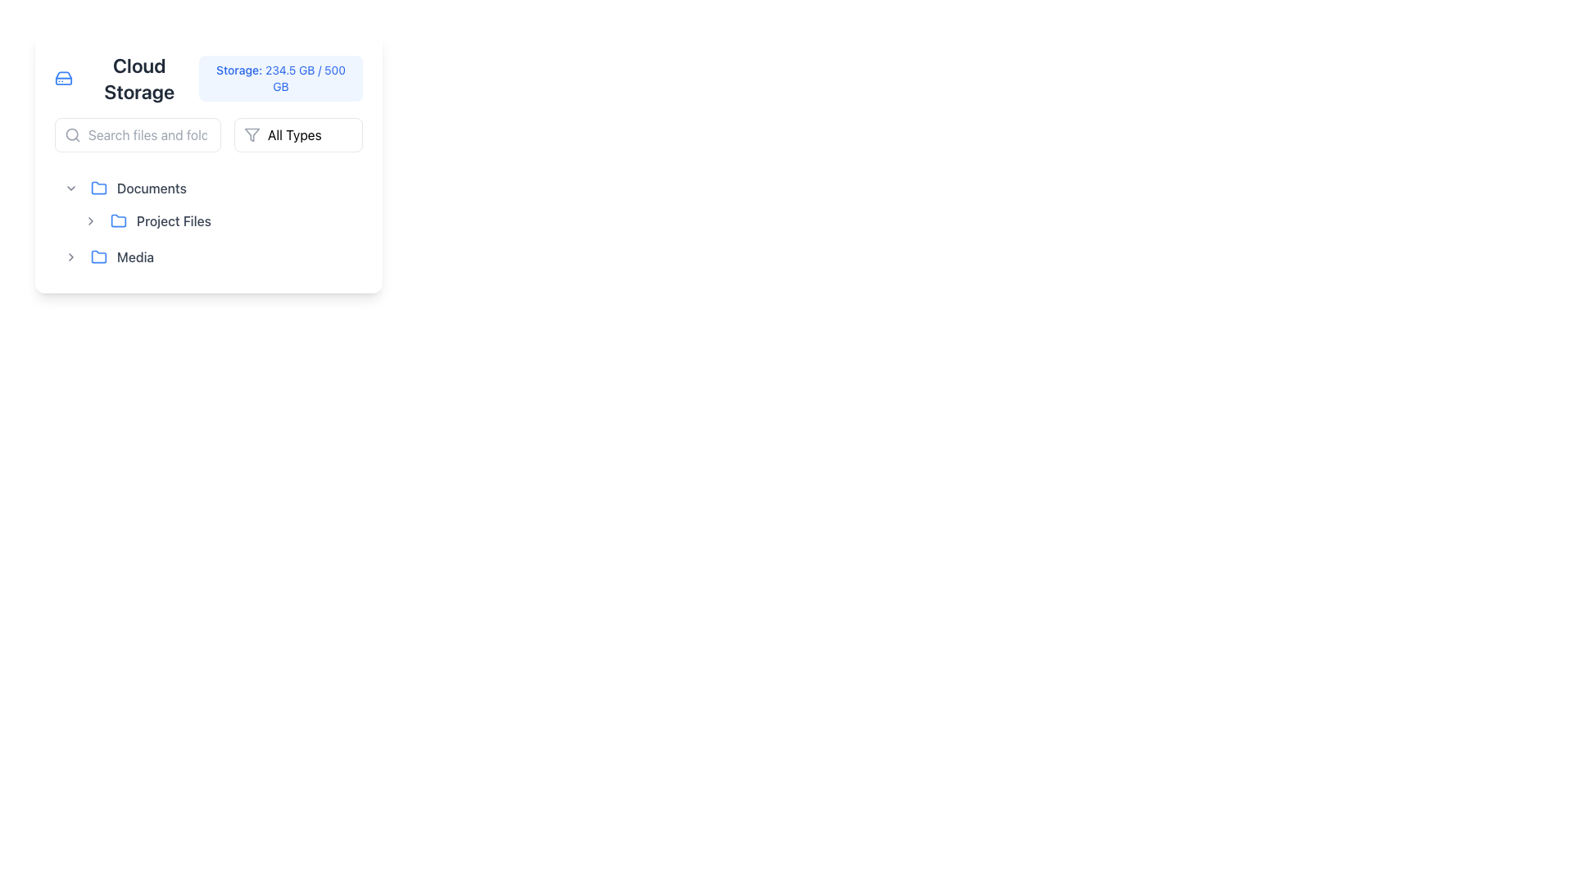 This screenshot has width=1573, height=885. I want to click on the 'Project Files' text label located under the 'Documents' folder, so click(207, 221).